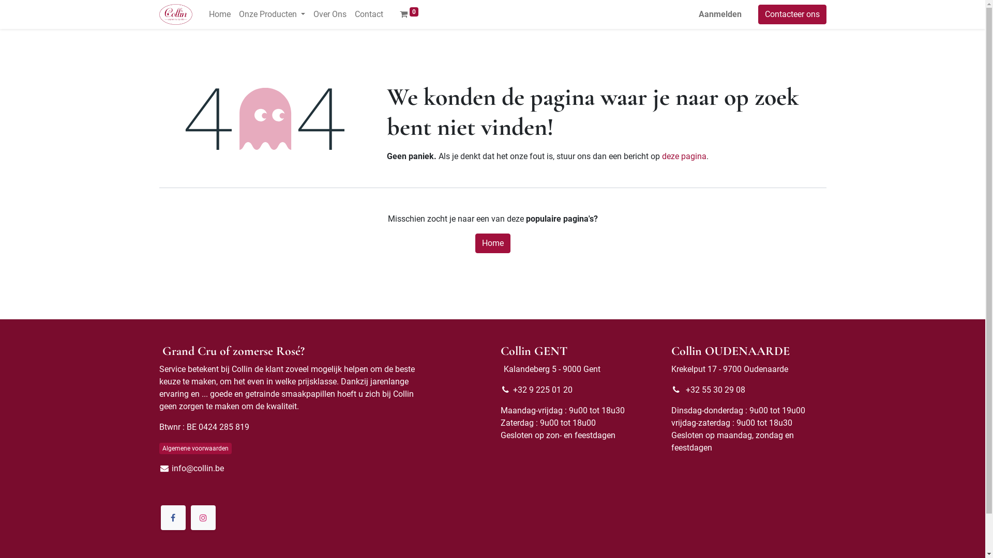 The image size is (993, 558). What do you see at coordinates (272, 14) in the screenshot?
I see `'Onze Producten'` at bounding box center [272, 14].